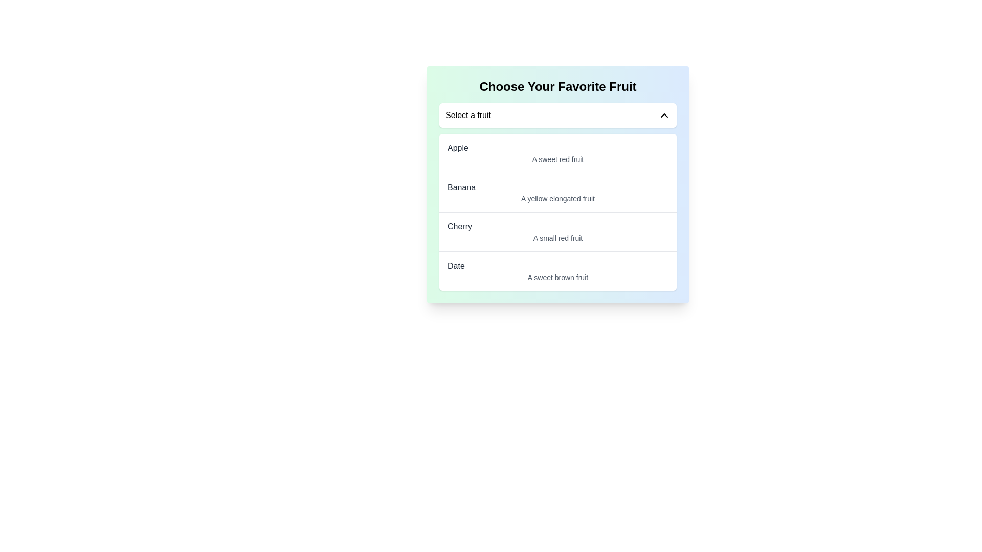 The image size is (982, 552). I want to click on around the text area of the 'Banana' label, which is the second item in a vertical list of fruits, so click(461, 187).